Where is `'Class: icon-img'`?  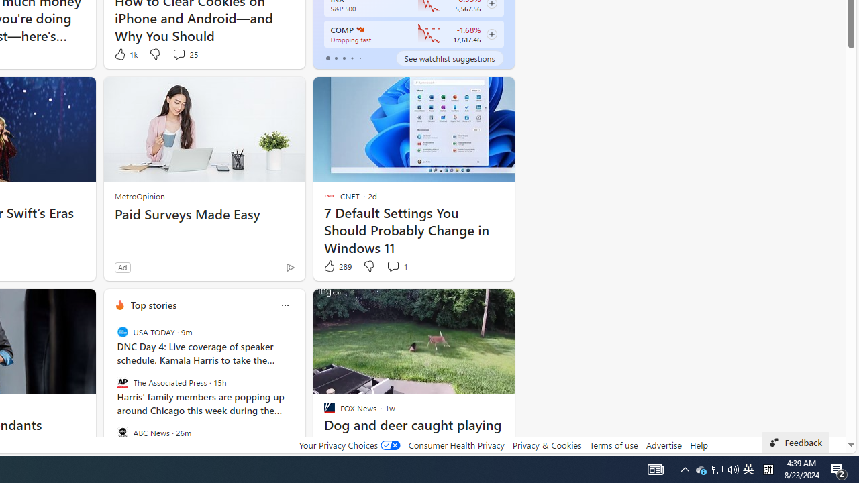
'Class: icon-img' is located at coordinates (284, 305).